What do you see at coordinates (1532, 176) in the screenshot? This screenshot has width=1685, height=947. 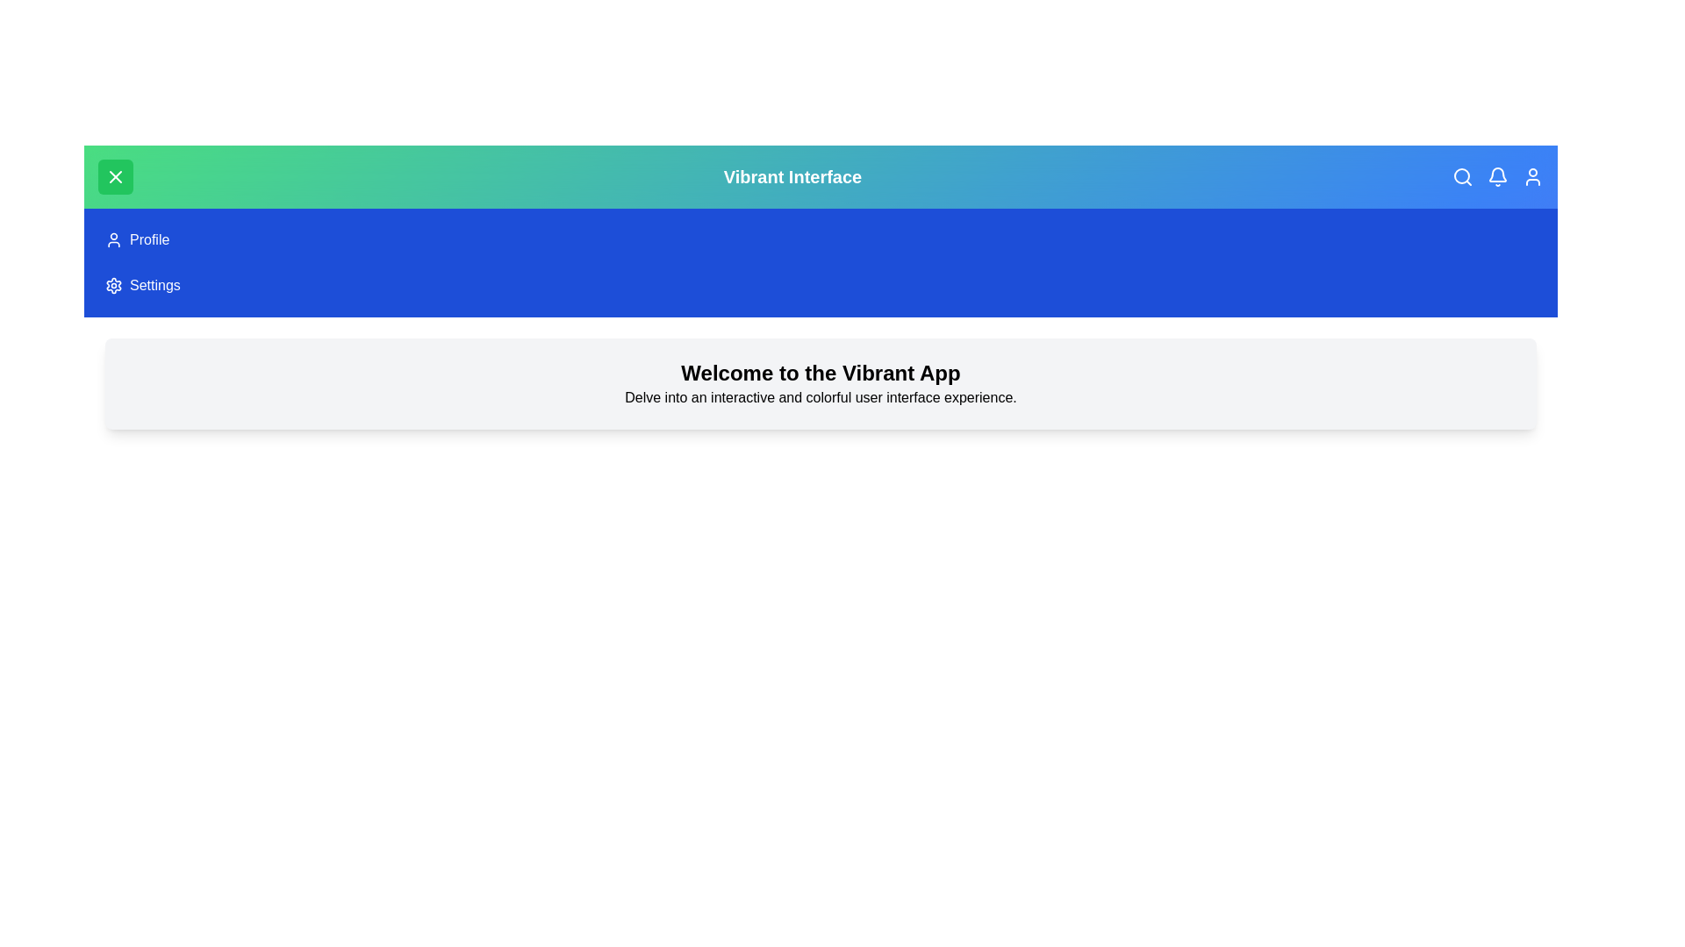 I see `the user icon in the top-right corner of the app bar` at bounding box center [1532, 176].